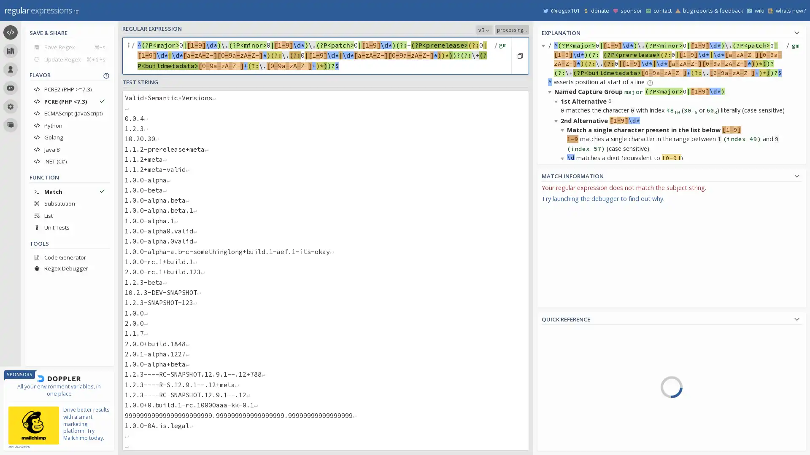 This screenshot has width=810, height=455. What do you see at coordinates (581, 373) in the screenshot?
I see `General Tokens` at bounding box center [581, 373].